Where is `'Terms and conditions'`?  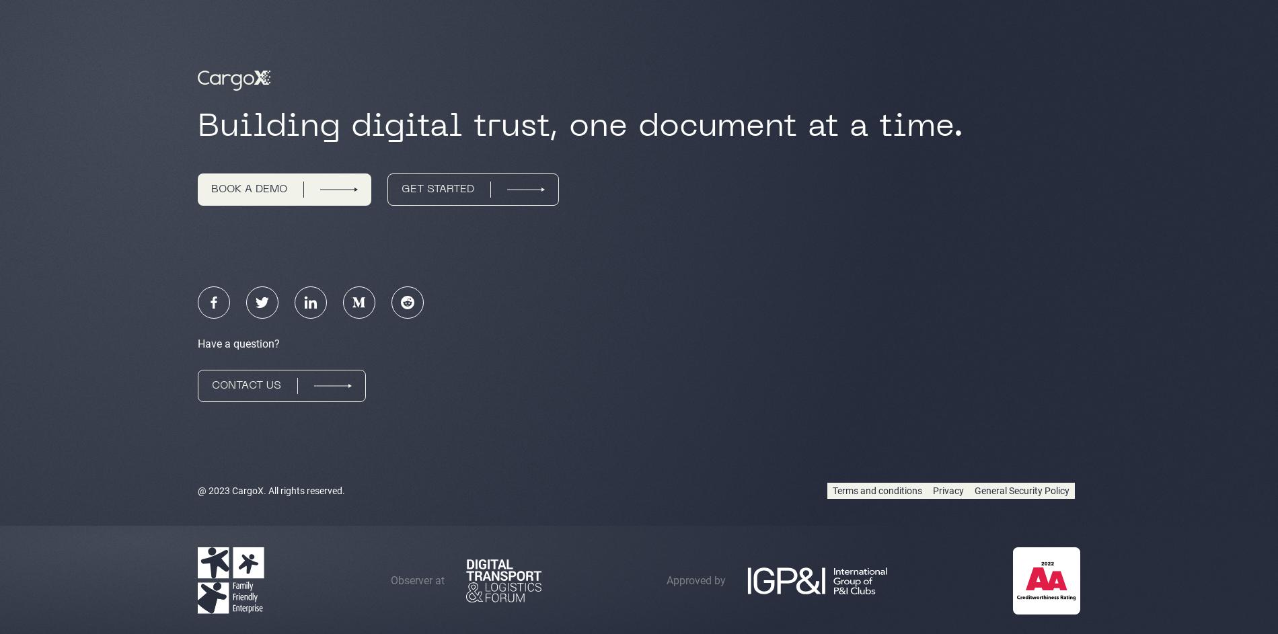 'Terms and conditions' is located at coordinates (876, 489).